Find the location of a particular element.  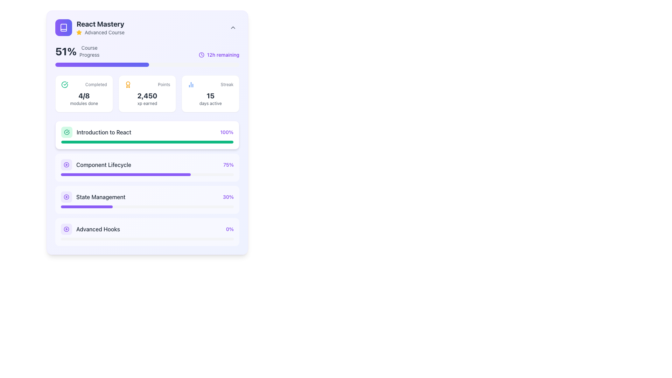

the amber award icon located to the left of the 'Points' label and directly under the course progress section is located at coordinates (128, 84).